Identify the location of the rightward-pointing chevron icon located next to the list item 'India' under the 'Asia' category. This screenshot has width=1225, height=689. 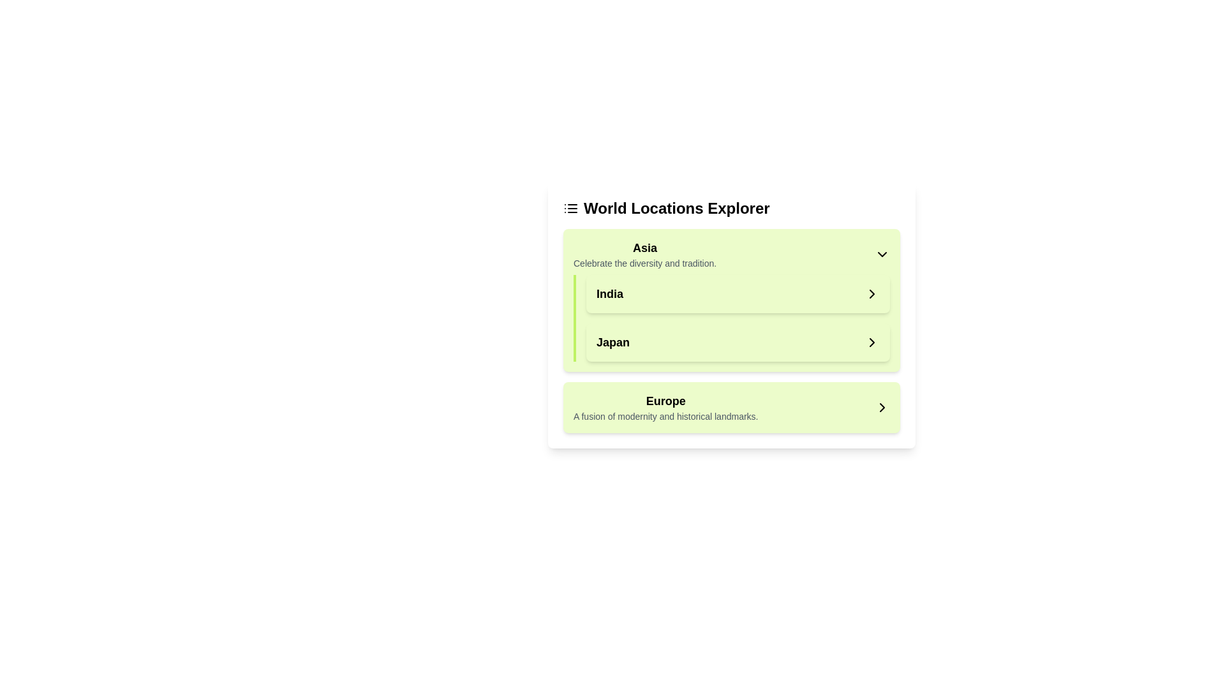
(872, 294).